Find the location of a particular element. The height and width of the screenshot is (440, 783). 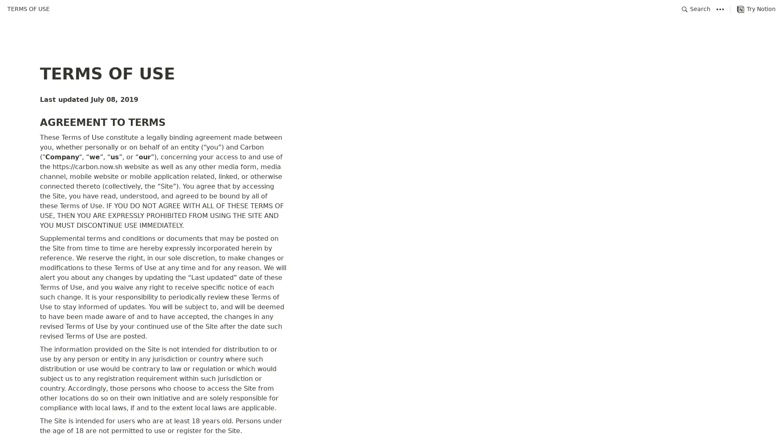

TERMS OF USE is located at coordinates (29, 9).